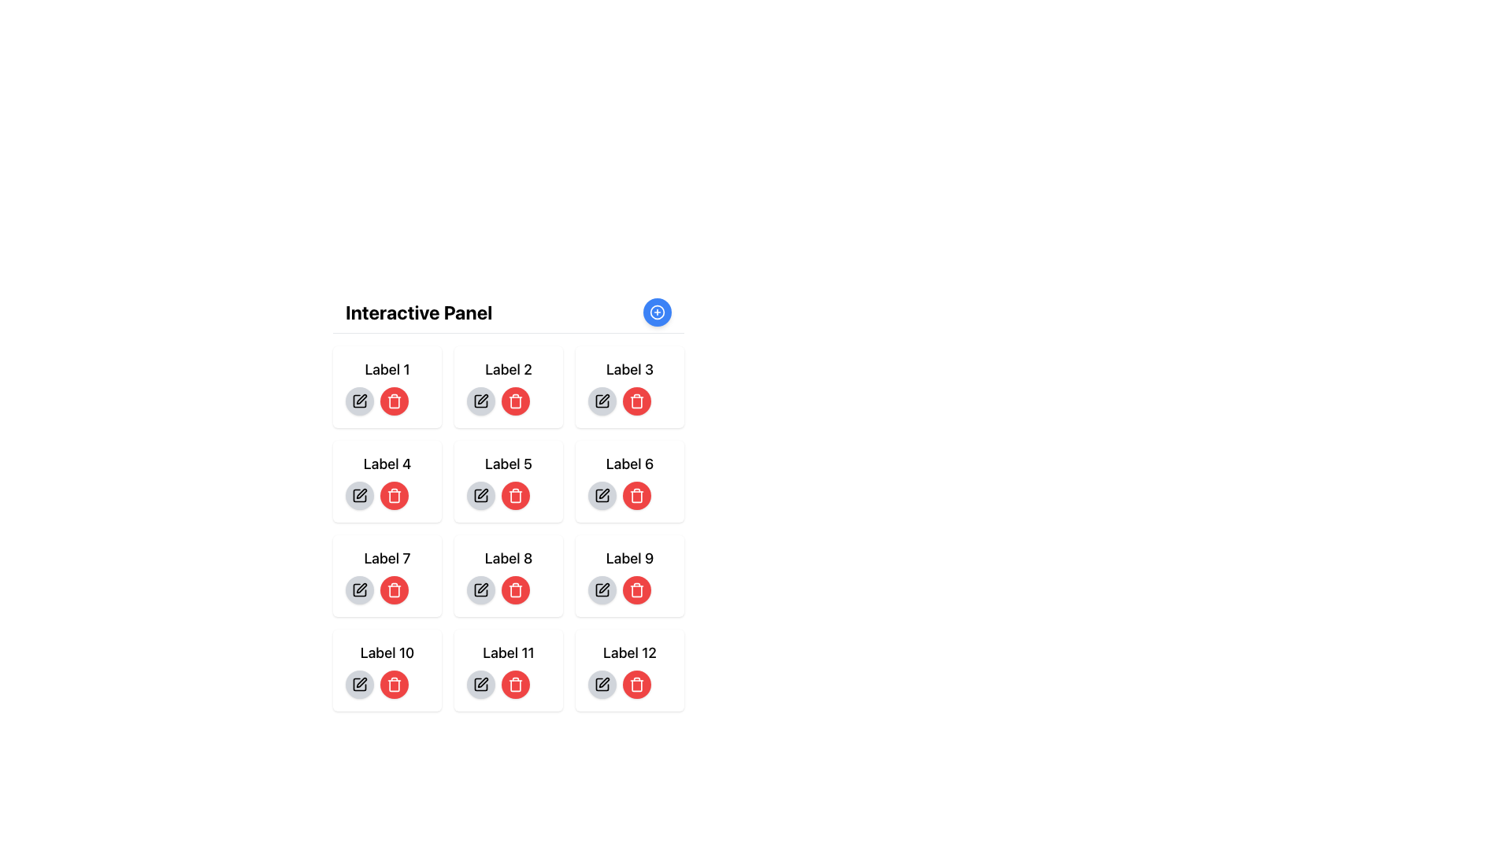 The height and width of the screenshot is (850, 1512). Describe the element at coordinates (637, 400) in the screenshot. I see `the circular red button with a white trashcan icon located in the third column of the first row, adjacent to a gray button associated with 'Label 3', to interact` at that location.